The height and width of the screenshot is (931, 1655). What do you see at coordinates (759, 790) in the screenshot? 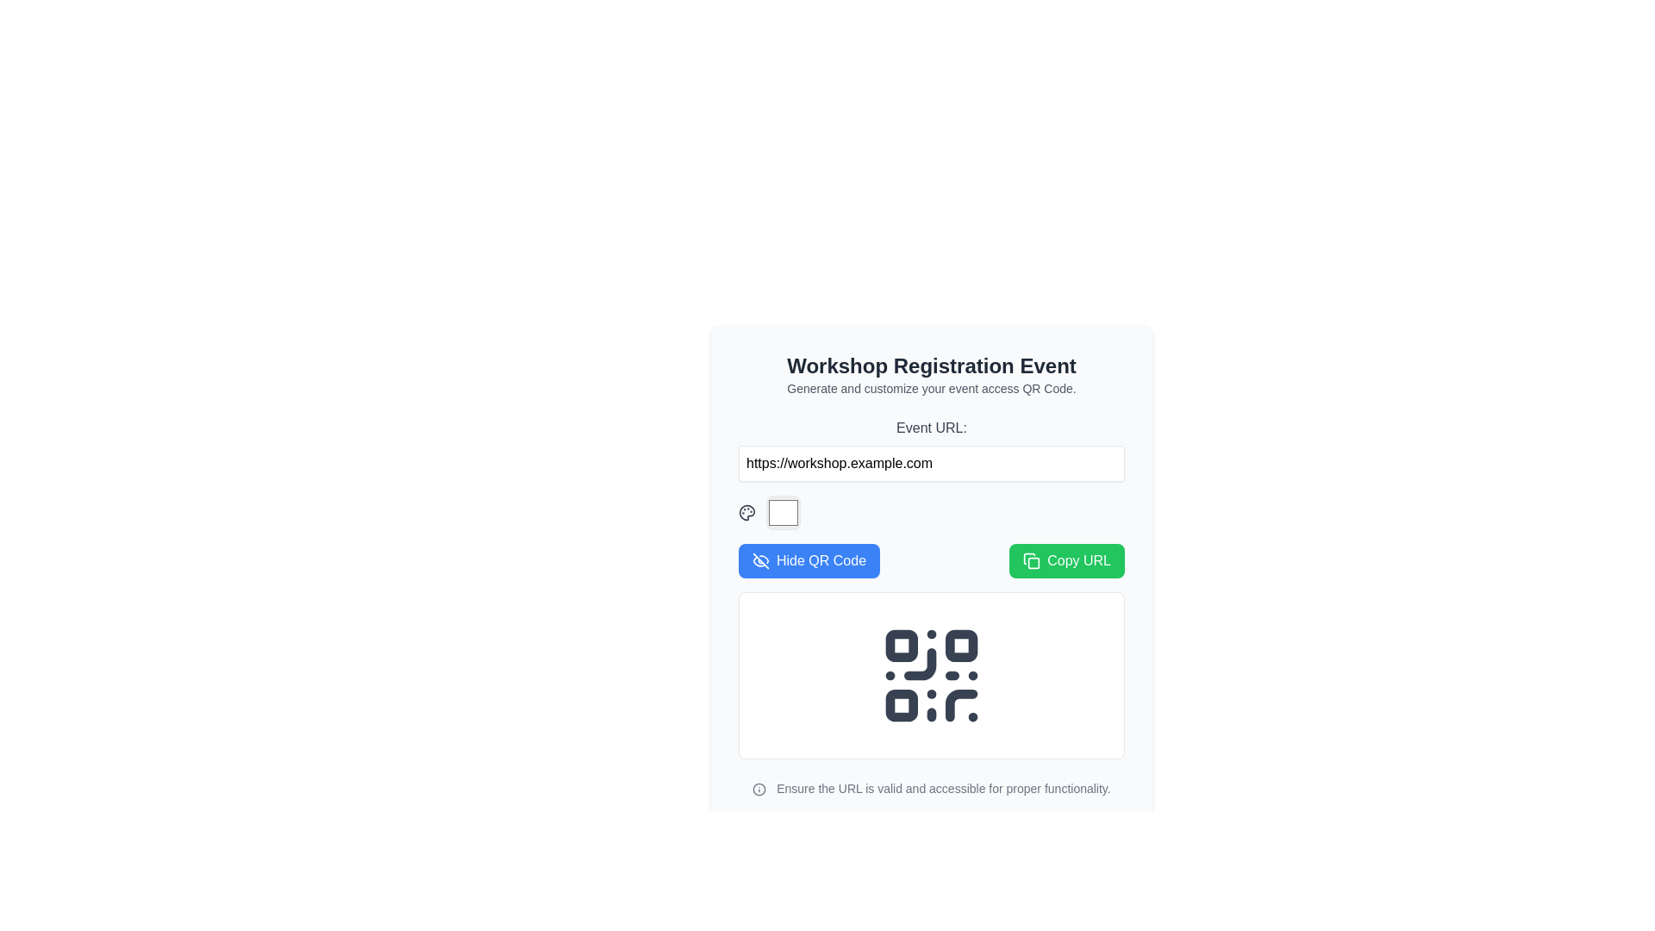
I see `the circular graphical element that forms the outer boundary of the informational icon next to the 'Event URL' input field` at bounding box center [759, 790].